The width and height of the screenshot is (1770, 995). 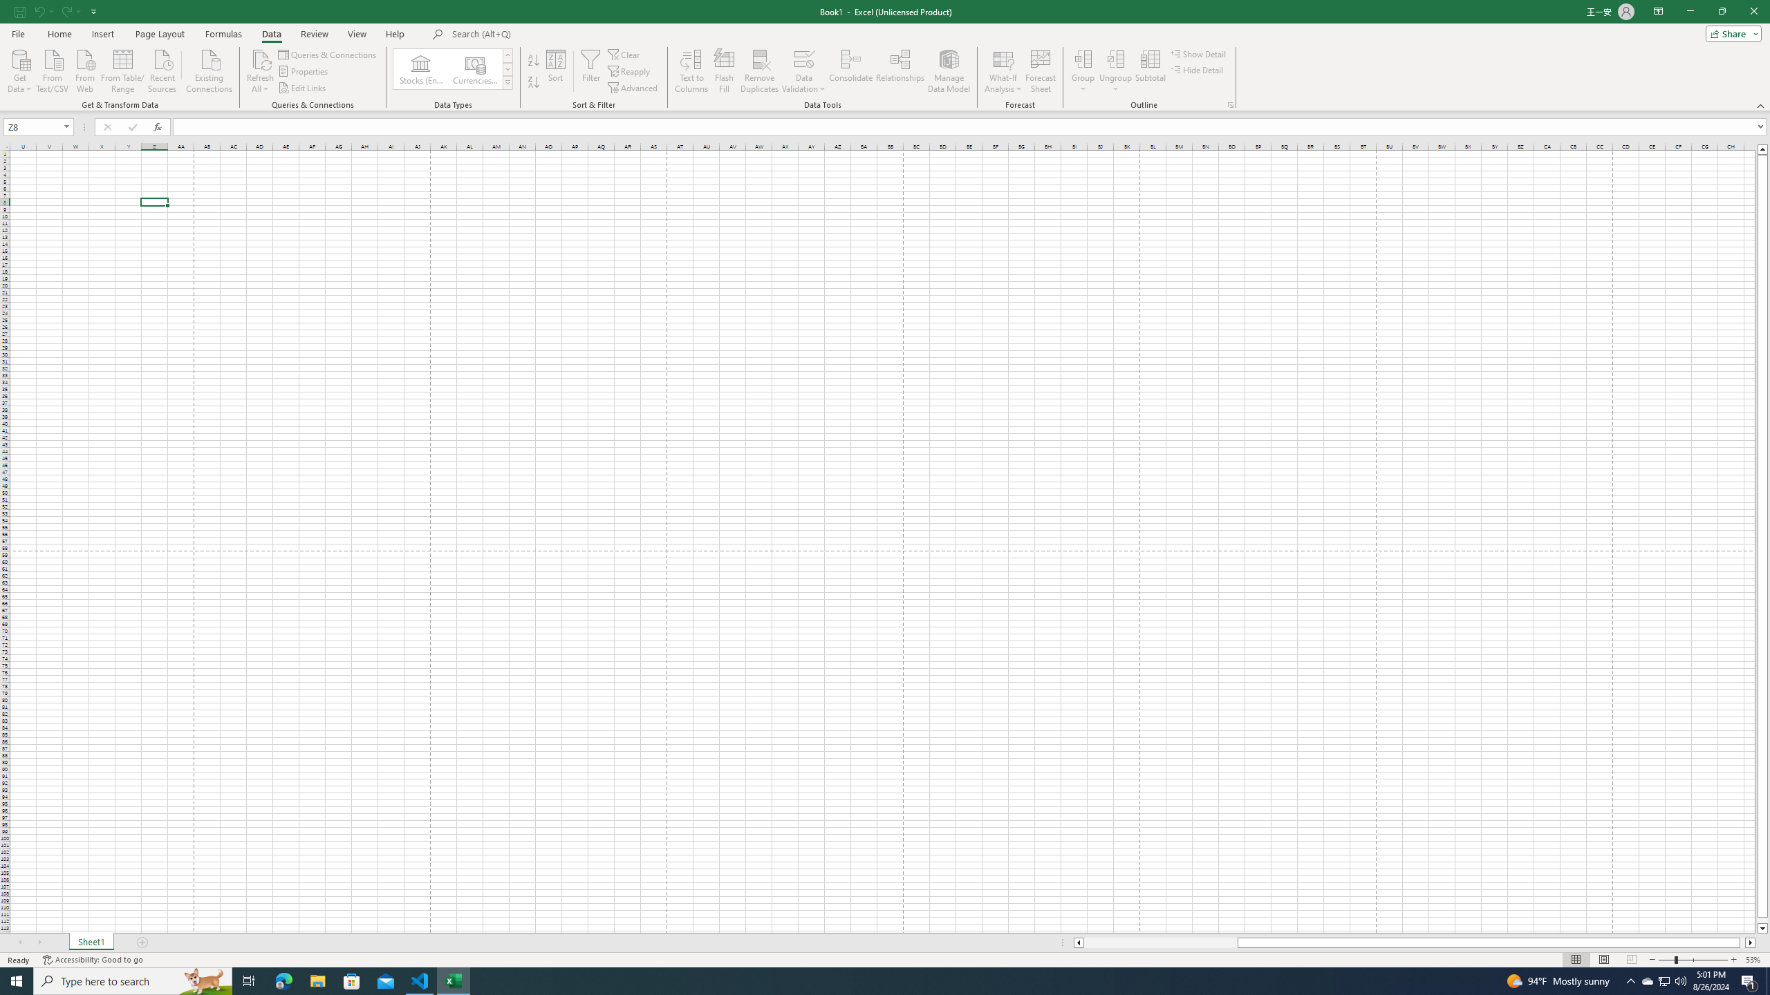 What do you see at coordinates (1082, 71) in the screenshot?
I see `'Group...'` at bounding box center [1082, 71].